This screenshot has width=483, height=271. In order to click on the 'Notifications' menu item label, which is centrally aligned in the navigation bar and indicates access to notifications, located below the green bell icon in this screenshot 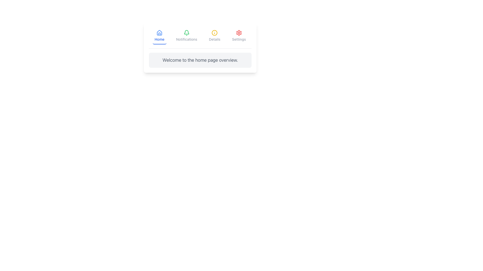, I will do `click(186, 39)`.